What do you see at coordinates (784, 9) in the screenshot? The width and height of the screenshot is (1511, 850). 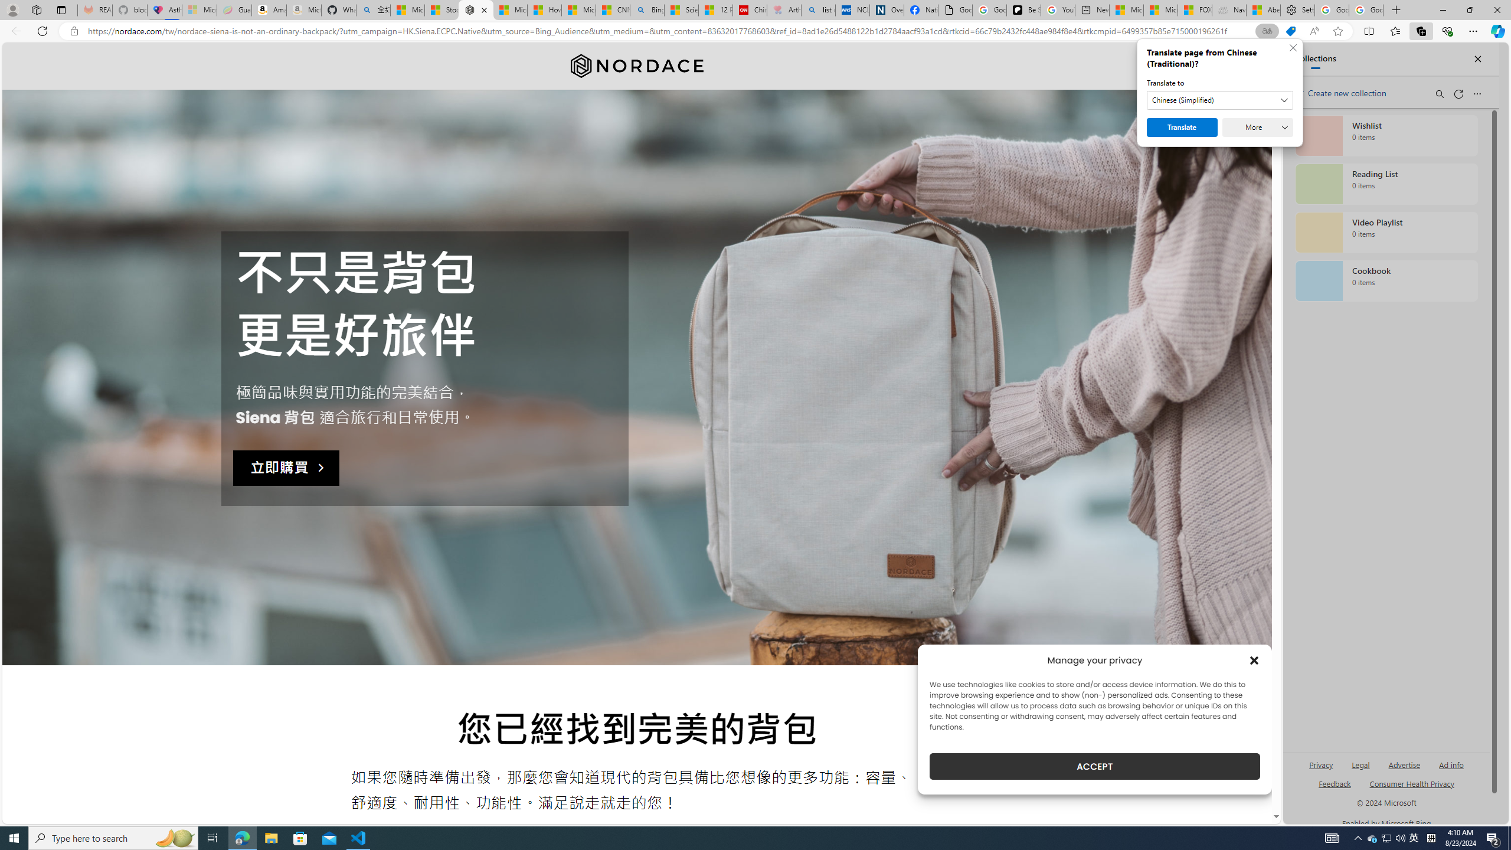 I see `'Arthritis: Ask Health Professionals - Sleeping'` at bounding box center [784, 9].